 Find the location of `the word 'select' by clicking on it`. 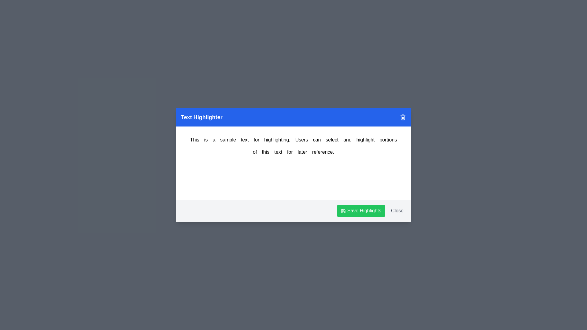

the word 'select' by clicking on it is located at coordinates (332, 140).